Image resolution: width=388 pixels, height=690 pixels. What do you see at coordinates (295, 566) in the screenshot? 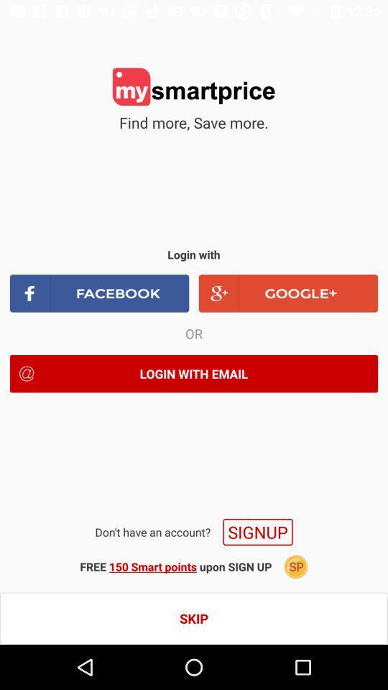
I see `the item to the right of free 150 smart` at bounding box center [295, 566].